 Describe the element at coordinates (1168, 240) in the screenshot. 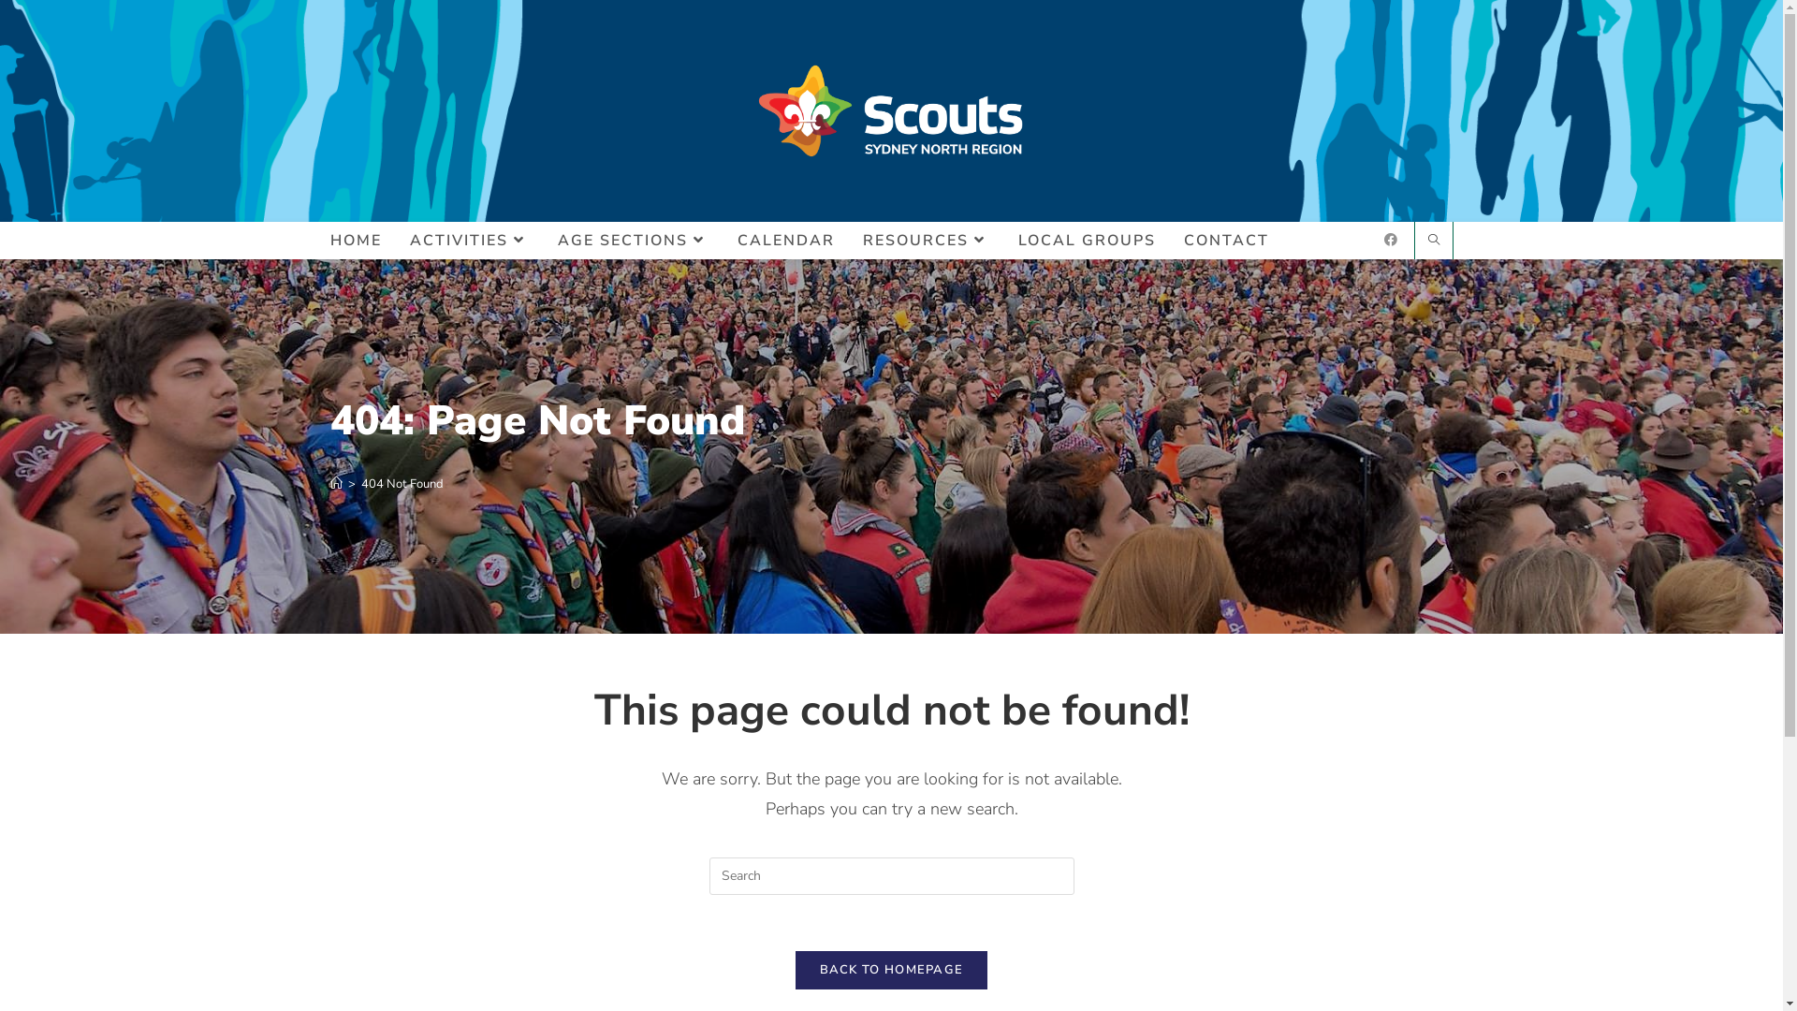

I see `'CONTACT'` at that location.